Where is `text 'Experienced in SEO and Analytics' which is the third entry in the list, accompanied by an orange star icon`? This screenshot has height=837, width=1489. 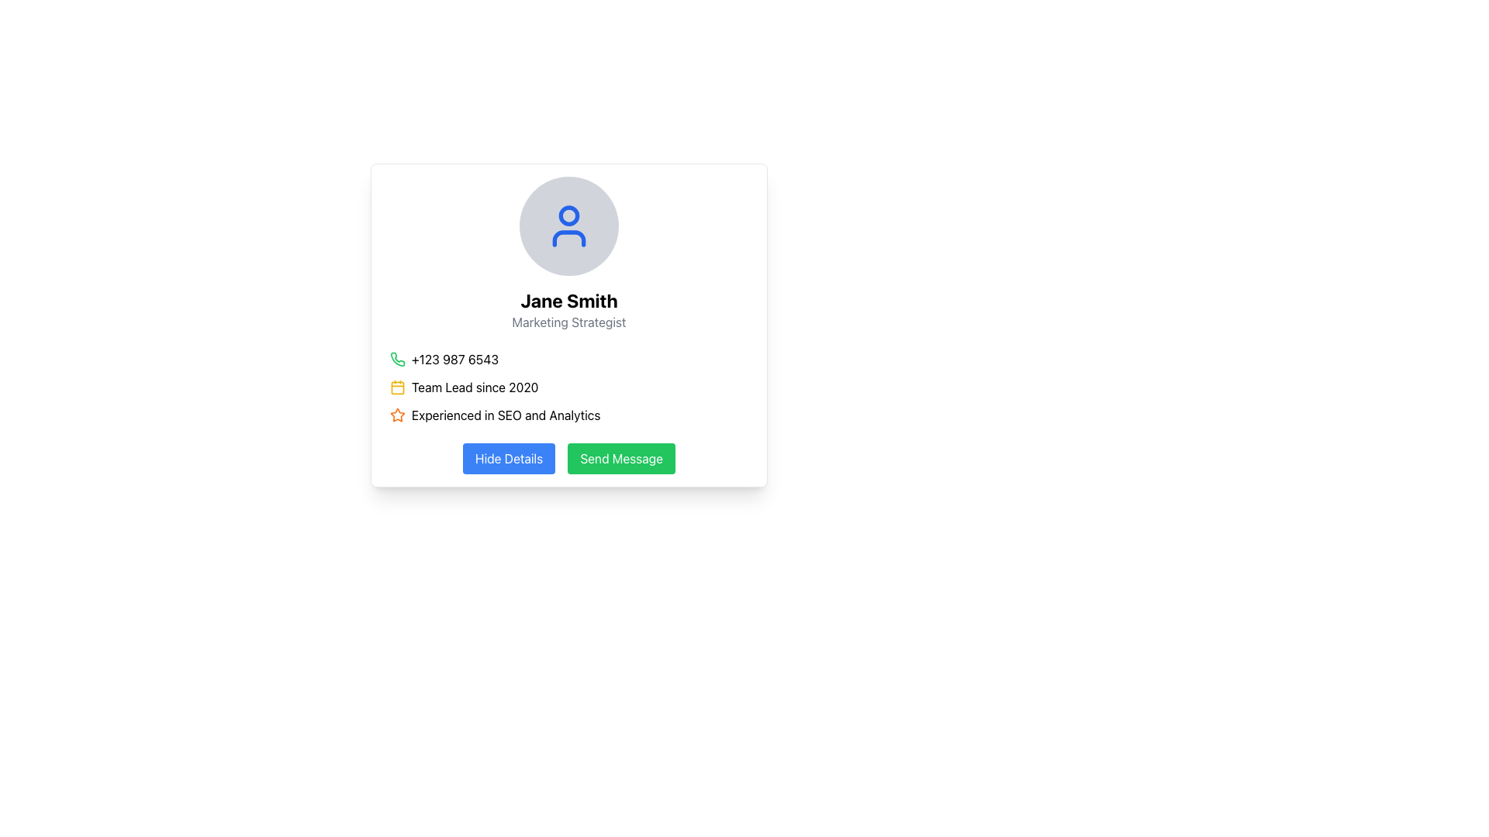
text 'Experienced in SEO and Analytics' which is the third entry in the list, accompanied by an orange star icon is located at coordinates (568, 415).